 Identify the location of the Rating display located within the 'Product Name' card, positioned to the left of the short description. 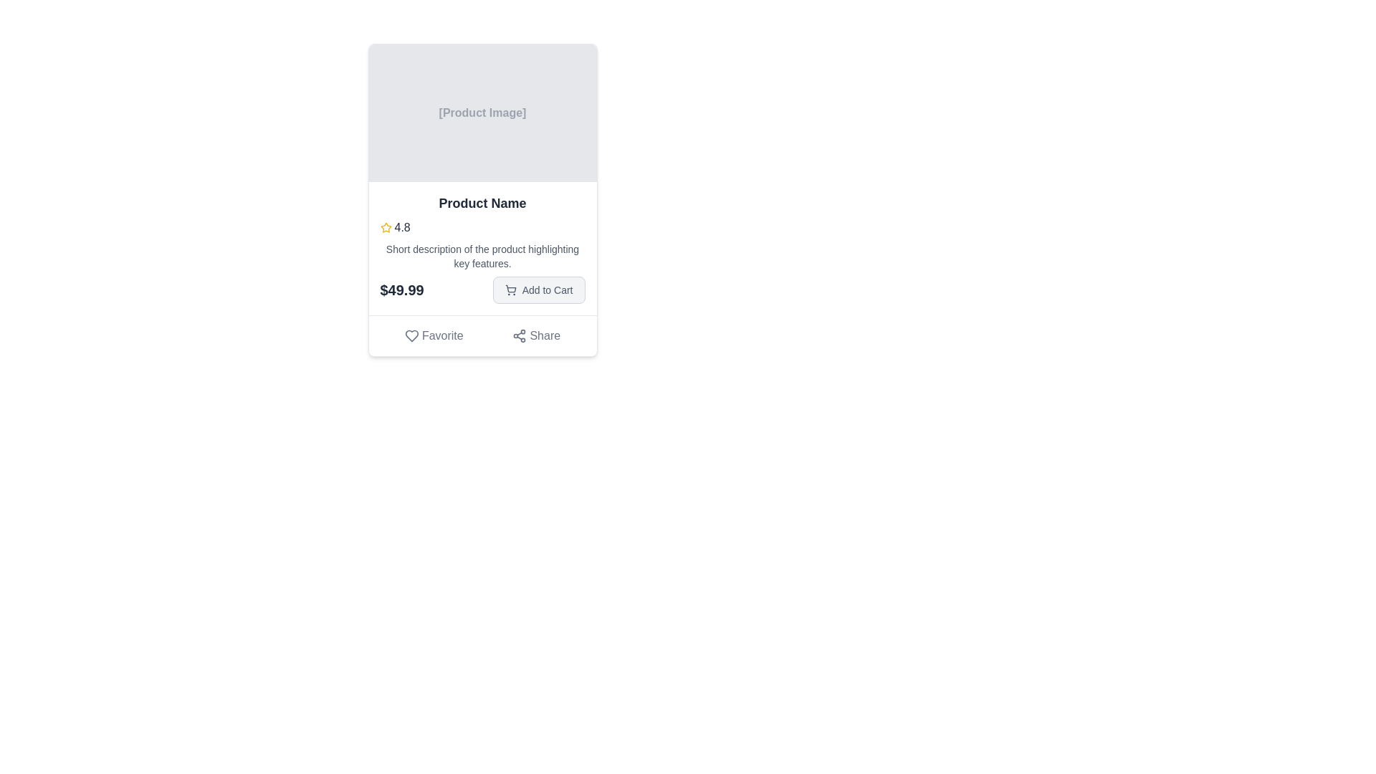
(482, 226).